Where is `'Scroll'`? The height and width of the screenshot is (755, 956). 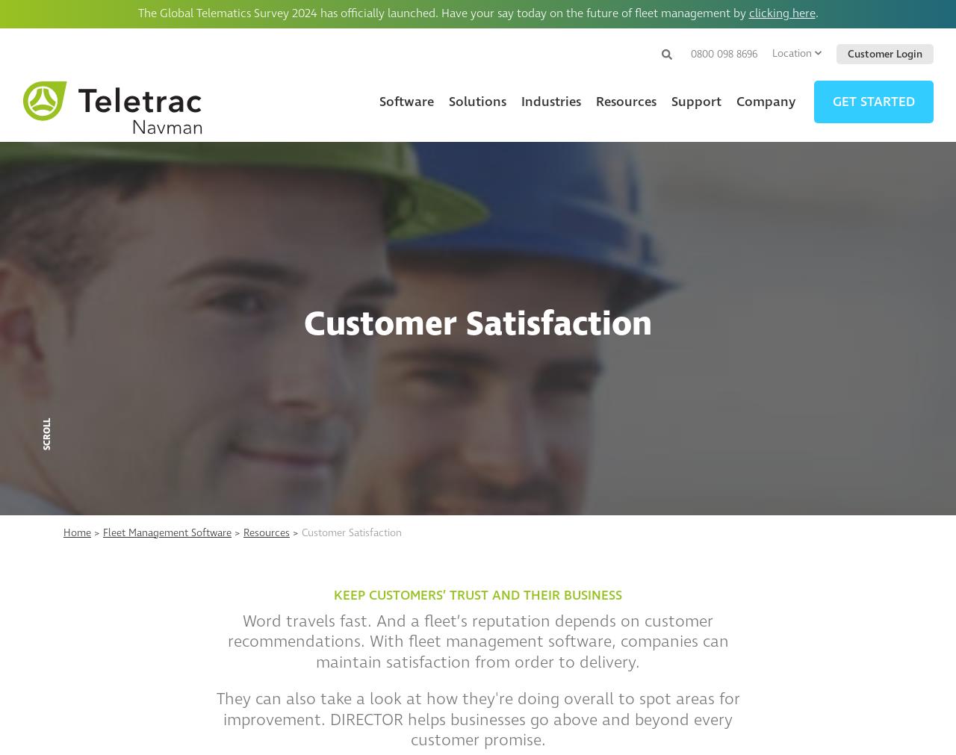 'Scroll' is located at coordinates (47, 435).